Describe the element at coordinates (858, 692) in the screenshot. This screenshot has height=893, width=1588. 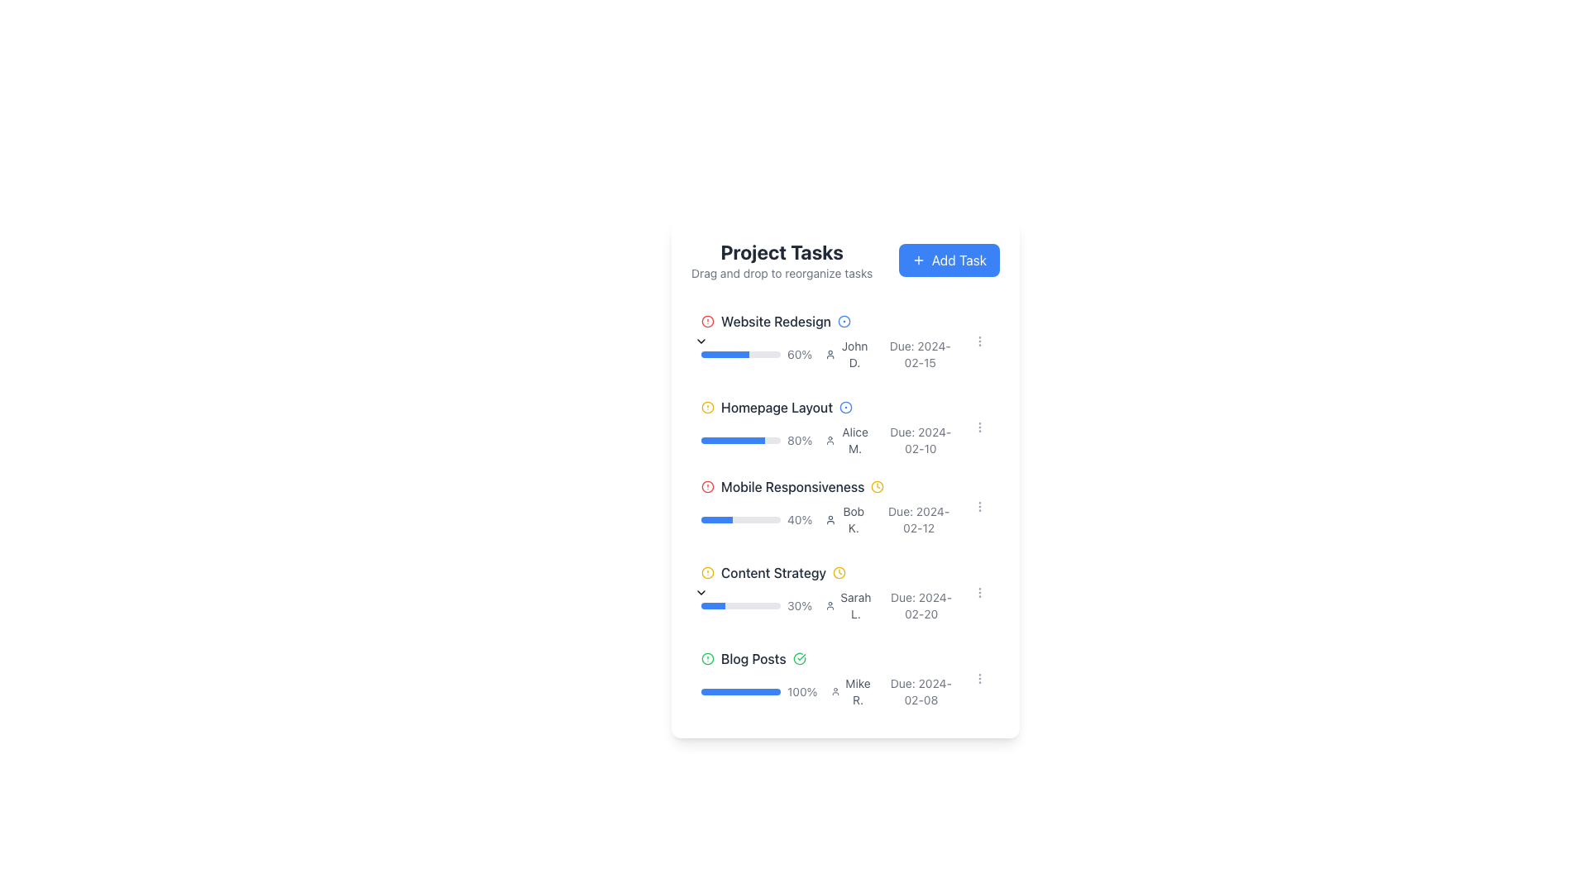
I see `the static text label displaying 'Mike R.' which is located in the 'Blog Posts' task line, positioned between the task title and the due date` at that location.